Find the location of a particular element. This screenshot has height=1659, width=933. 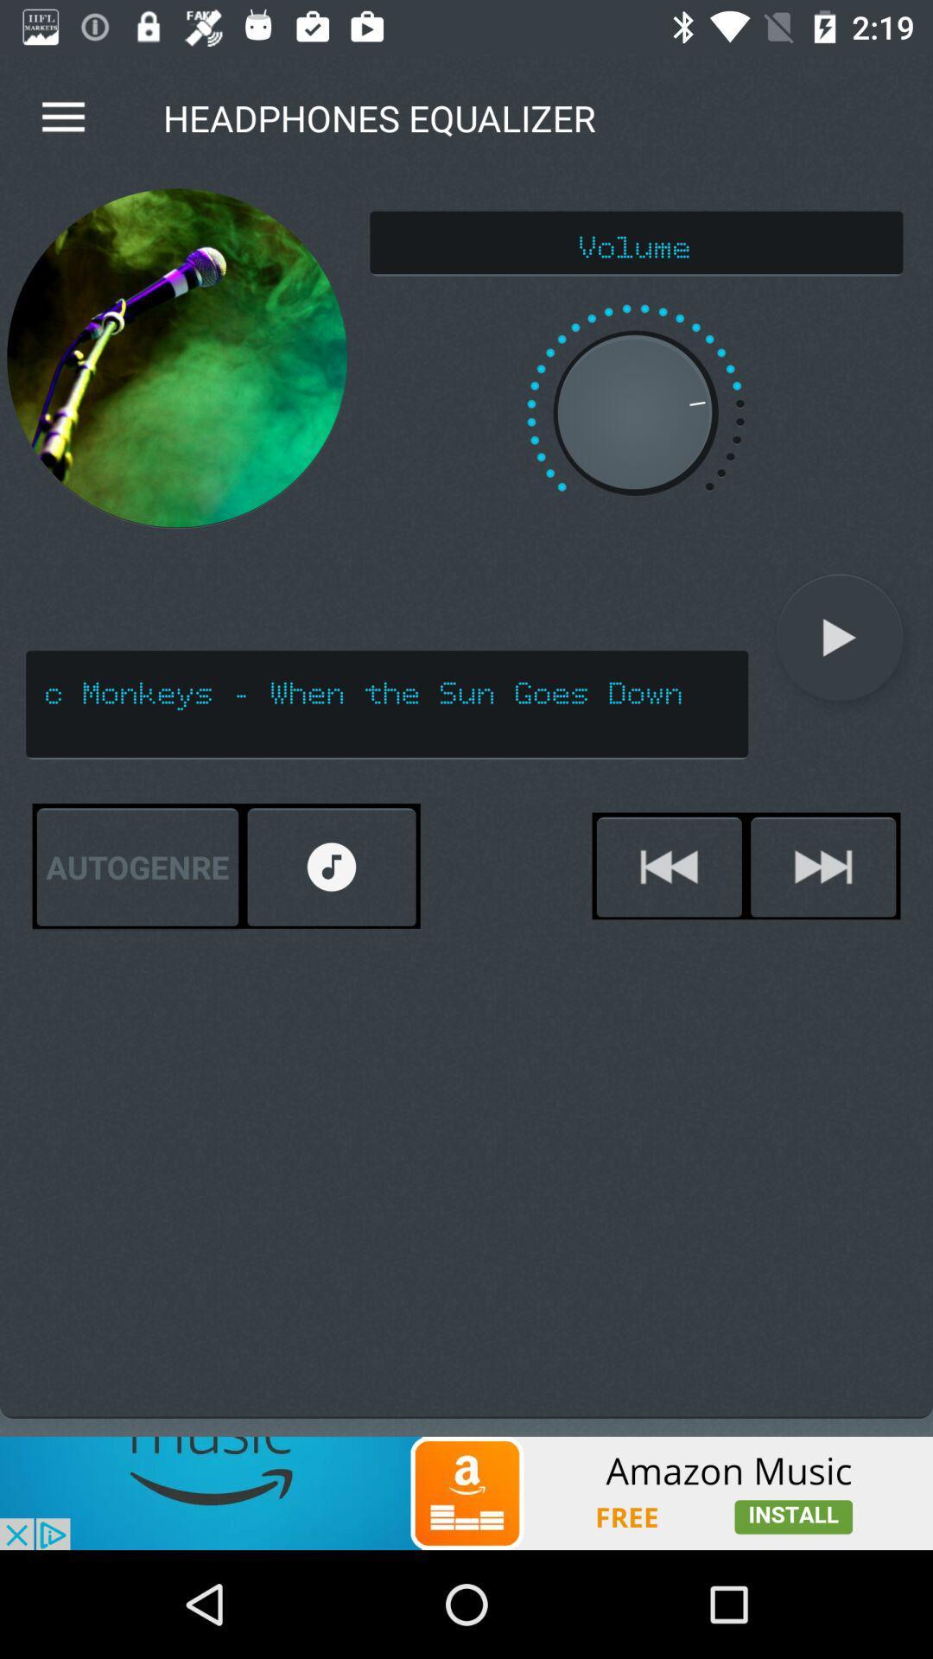

the play icon is located at coordinates (839, 637).